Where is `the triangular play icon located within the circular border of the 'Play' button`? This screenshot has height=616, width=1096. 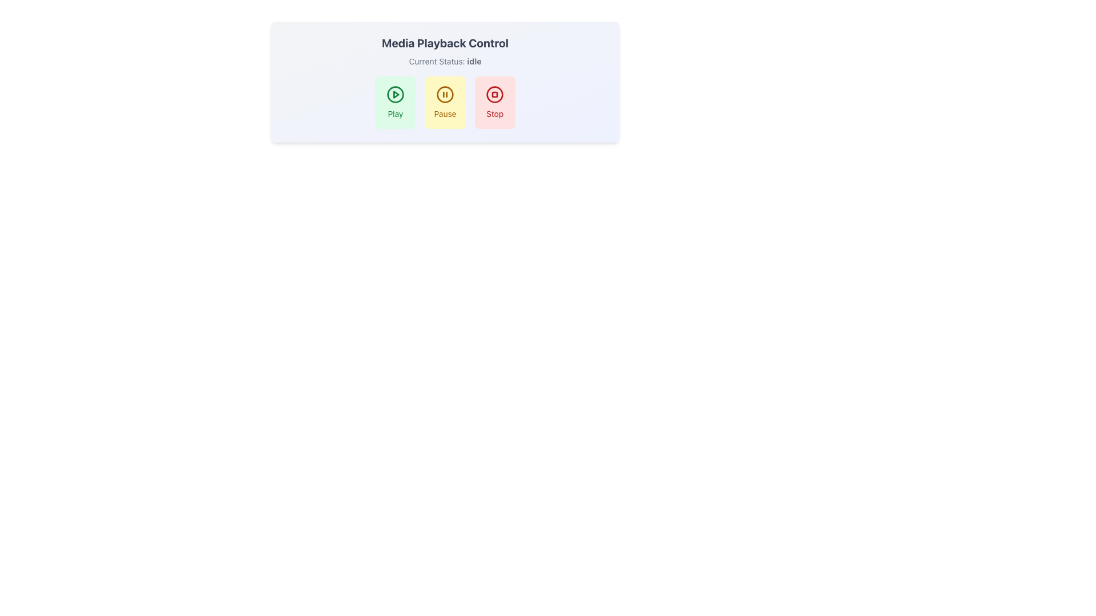 the triangular play icon located within the circular border of the 'Play' button is located at coordinates (396, 94).